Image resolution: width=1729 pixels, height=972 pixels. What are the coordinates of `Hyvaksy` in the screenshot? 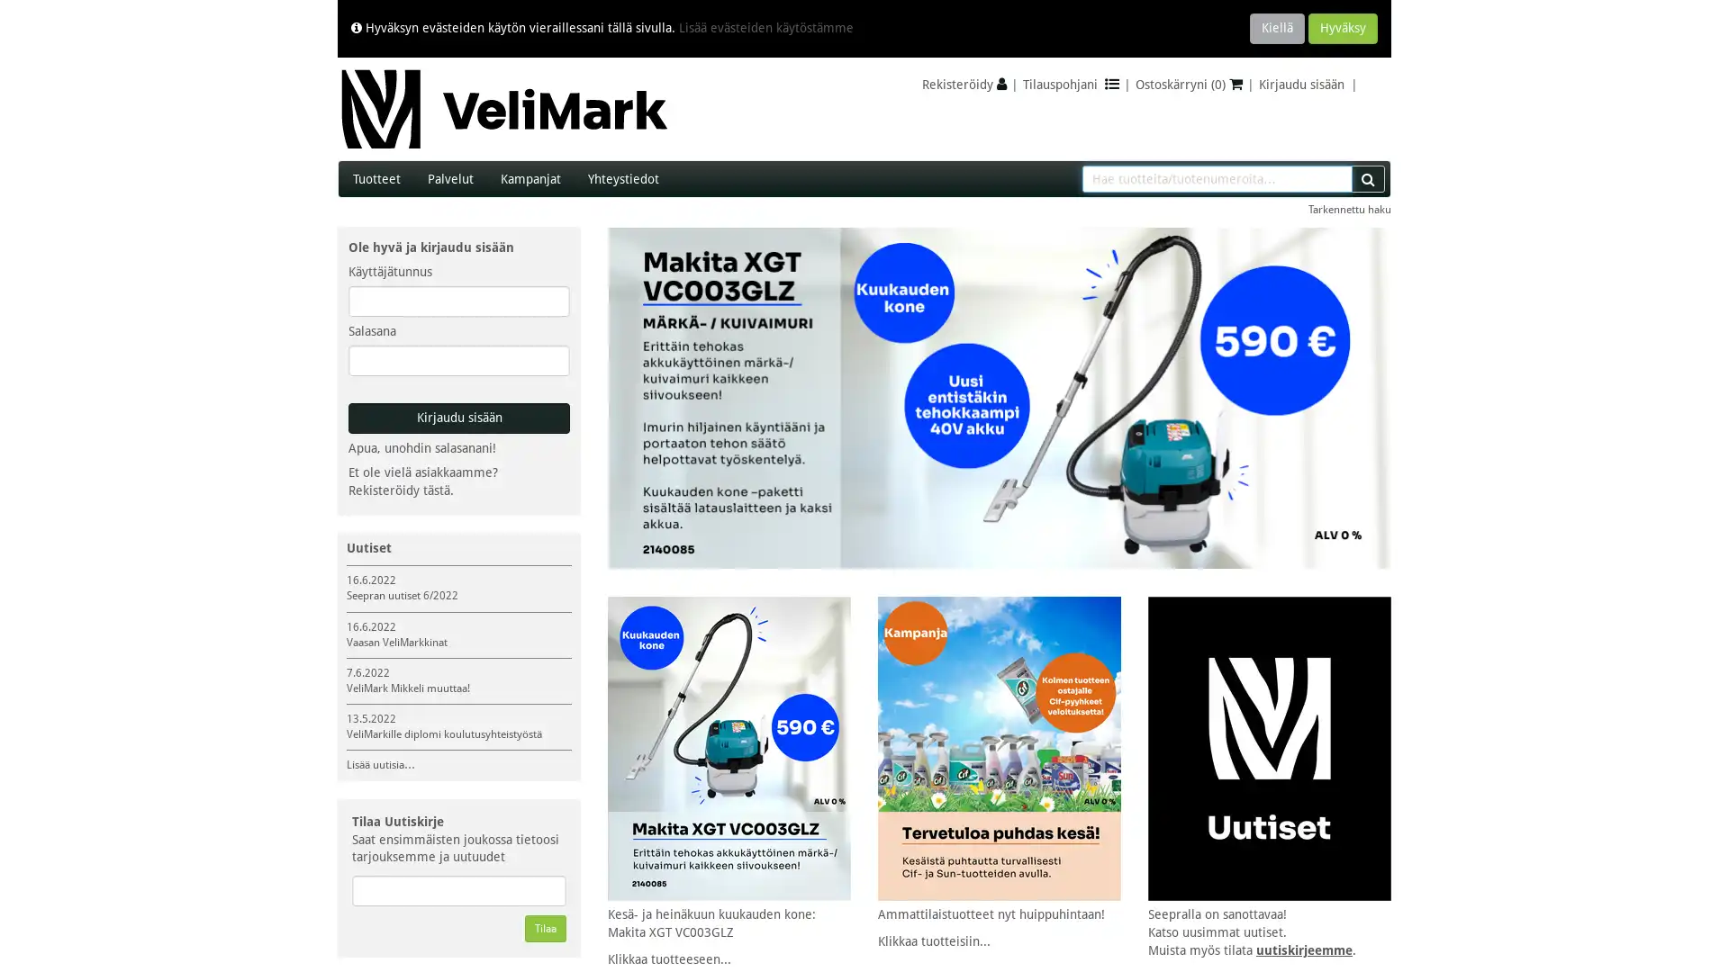 It's located at (1343, 28).